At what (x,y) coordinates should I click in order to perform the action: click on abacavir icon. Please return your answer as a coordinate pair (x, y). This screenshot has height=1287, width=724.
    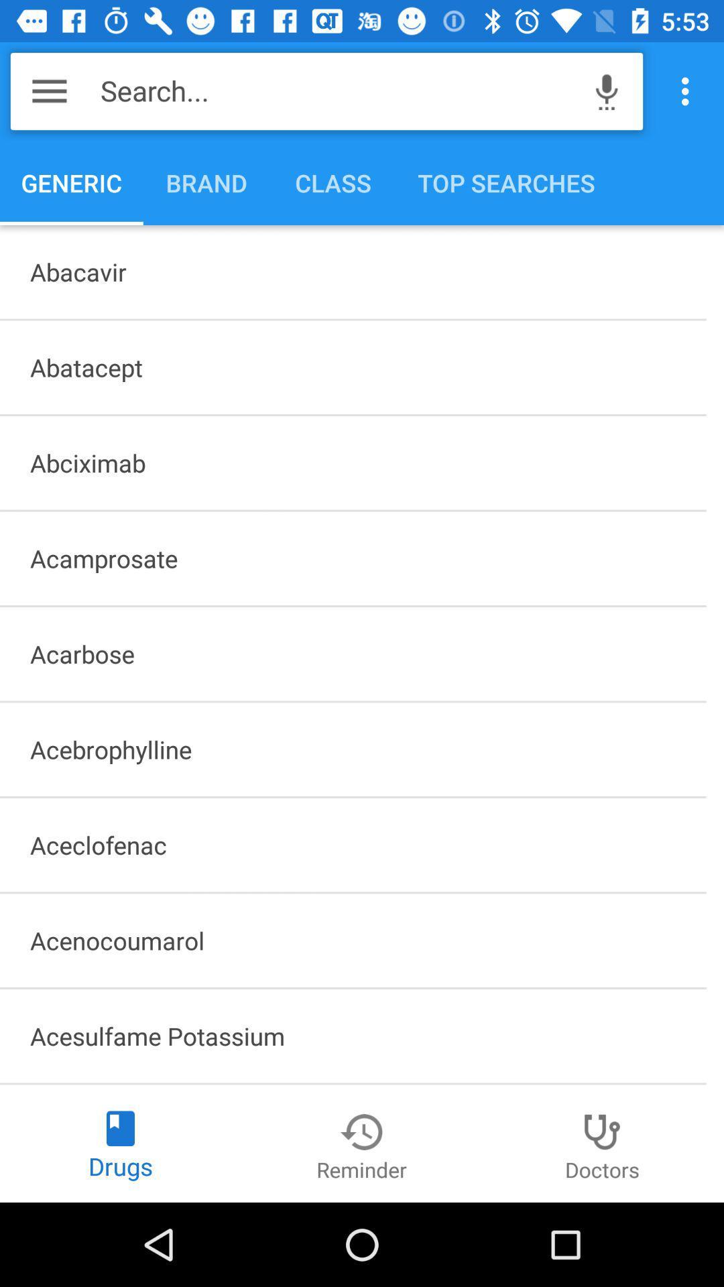
    Looking at the image, I should click on (352, 271).